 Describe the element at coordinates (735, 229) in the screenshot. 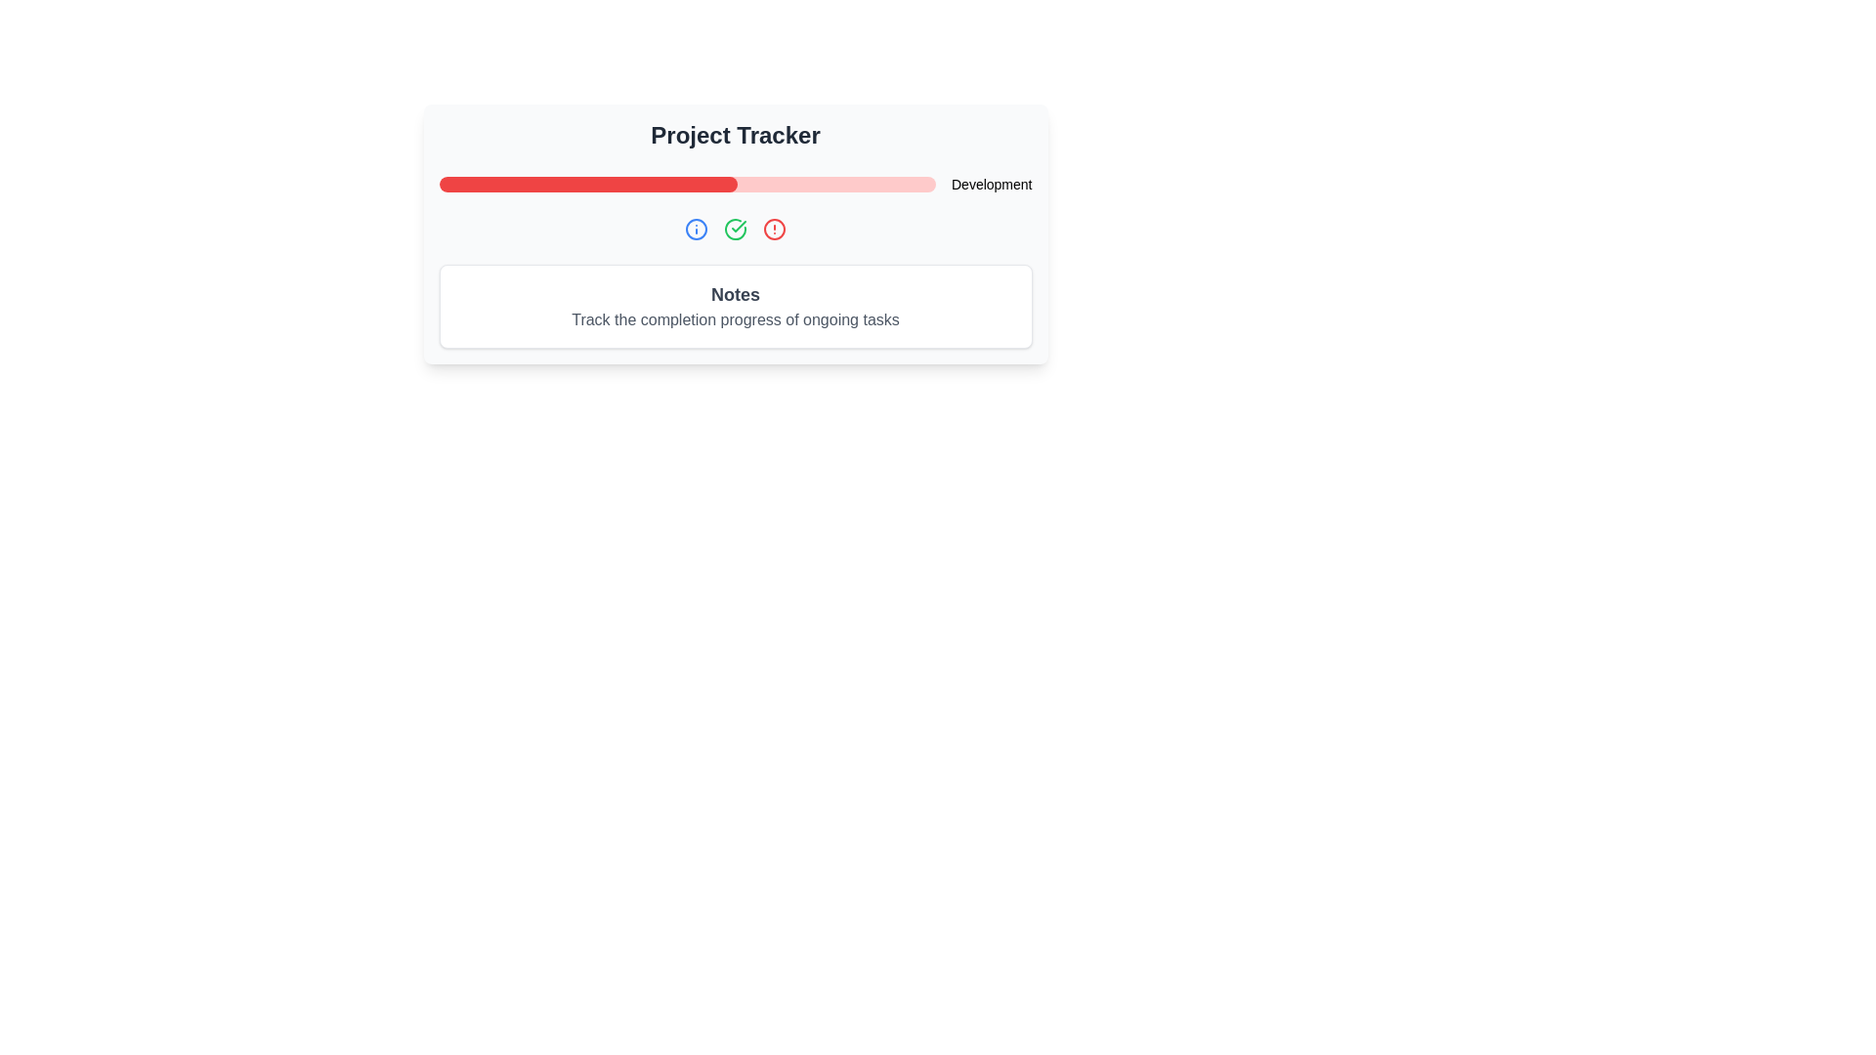

I see `the circular green icon featuring a checkmark, which is the middle icon in the row below the progress bar` at that location.